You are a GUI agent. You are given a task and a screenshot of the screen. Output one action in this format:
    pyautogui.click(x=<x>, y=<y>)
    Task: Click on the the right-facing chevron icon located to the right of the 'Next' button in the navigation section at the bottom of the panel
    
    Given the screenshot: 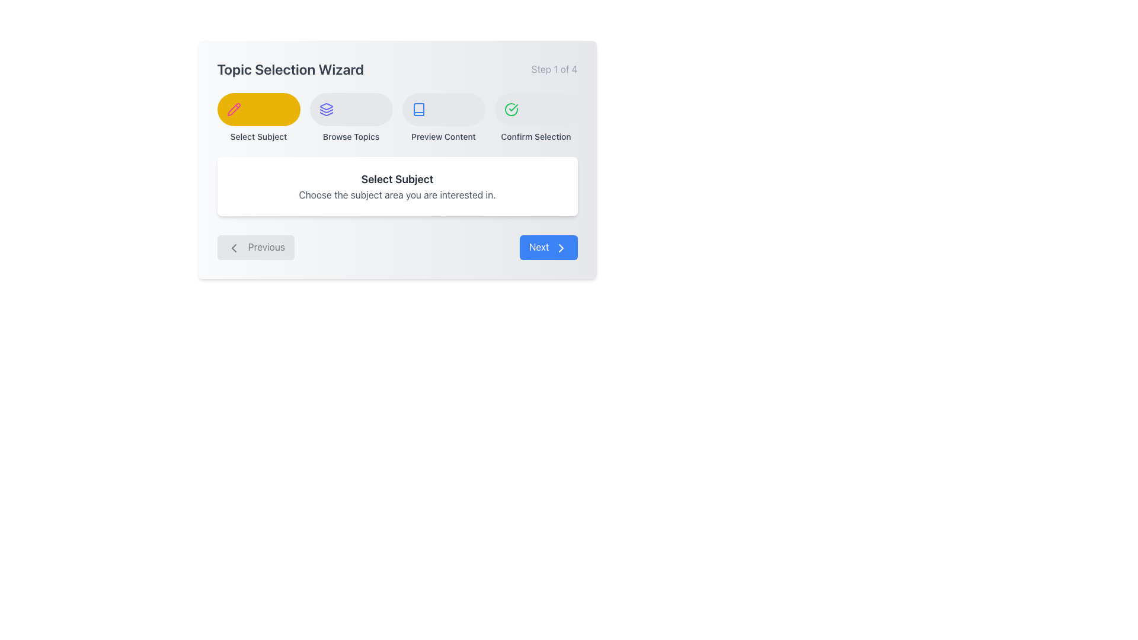 What is the action you would take?
    pyautogui.click(x=560, y=247)
    